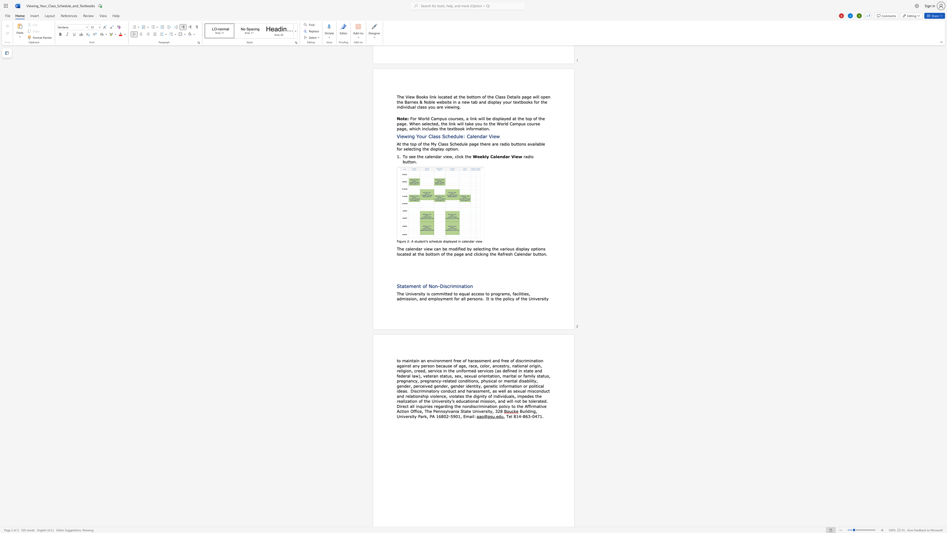  Describe the element at coordinates (525, 416) in the screenshot. I see `the space between the continuous character "8" and "6" in the text` at that location.